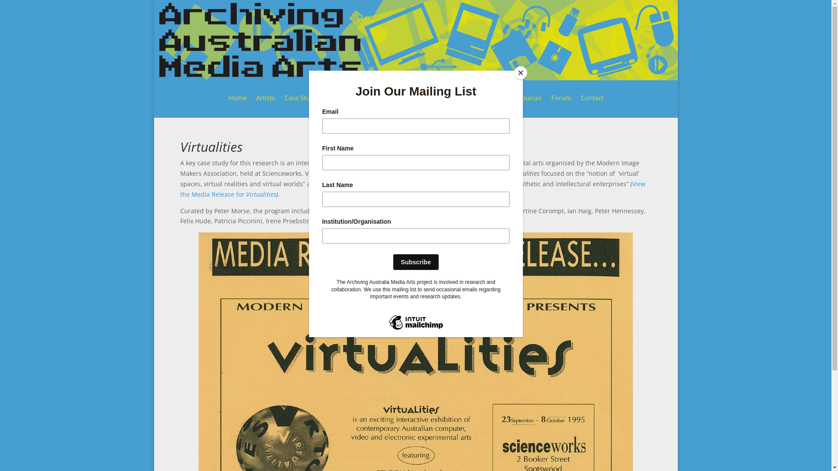  Describe the element at coordinates (415, 40) in the screenshot. I see `'aama'` at that location.